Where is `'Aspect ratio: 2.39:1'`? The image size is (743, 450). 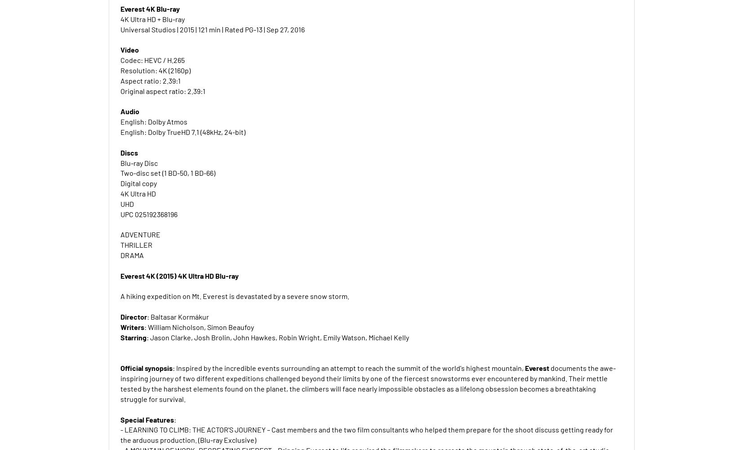
'Aspect ratio: 2.39:1' is located at coordinates (150, 80).